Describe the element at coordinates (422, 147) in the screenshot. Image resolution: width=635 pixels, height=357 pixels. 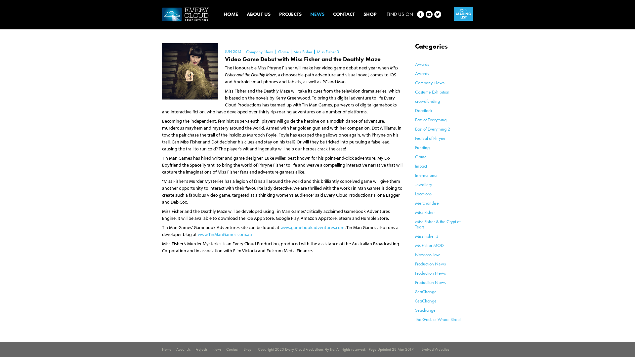
I see `'Funding'` at that location.